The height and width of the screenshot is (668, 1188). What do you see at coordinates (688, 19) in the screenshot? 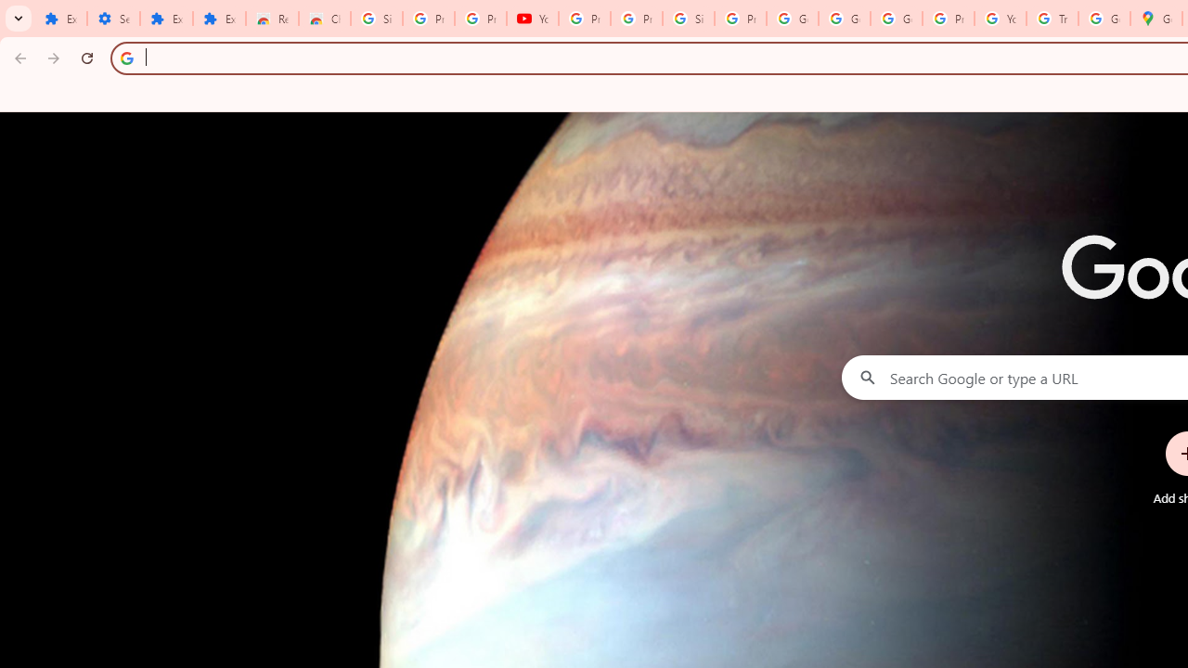
I see `'Sign in - Google Accounts'` at bounding box center [688, 19].